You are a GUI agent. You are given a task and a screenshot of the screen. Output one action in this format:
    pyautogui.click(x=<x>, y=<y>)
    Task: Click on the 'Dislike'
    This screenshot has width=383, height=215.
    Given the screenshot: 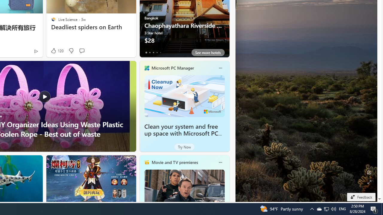 What is the action you would take?
    pyautogui.click(x=71, y=50)
    